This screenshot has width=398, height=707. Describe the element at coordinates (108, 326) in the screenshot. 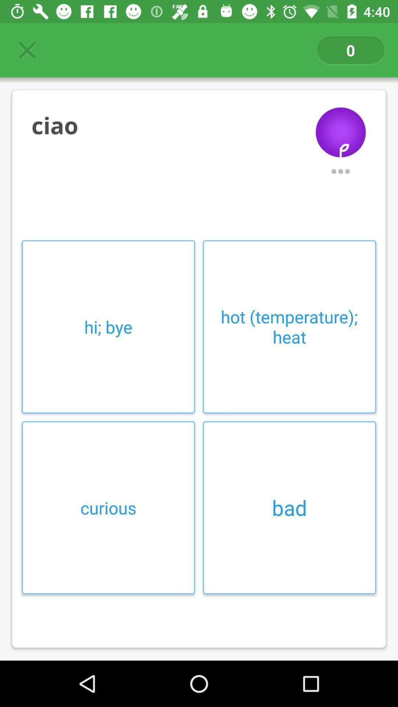

I see `item above the curious icon` at that location.